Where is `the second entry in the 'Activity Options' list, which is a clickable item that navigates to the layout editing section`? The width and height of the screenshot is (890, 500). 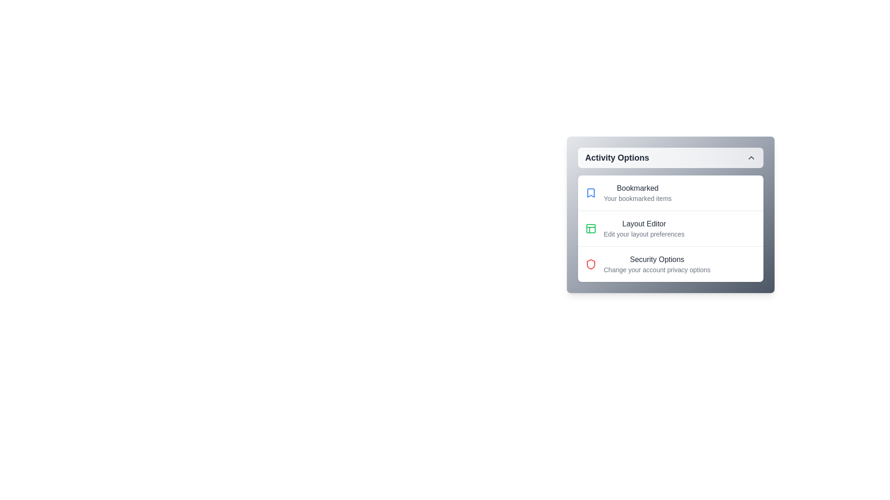
the second entry in the 'Activity Options' list, which is a clickable item that navigates to the layout editing section is located at coordinates (670, 228).